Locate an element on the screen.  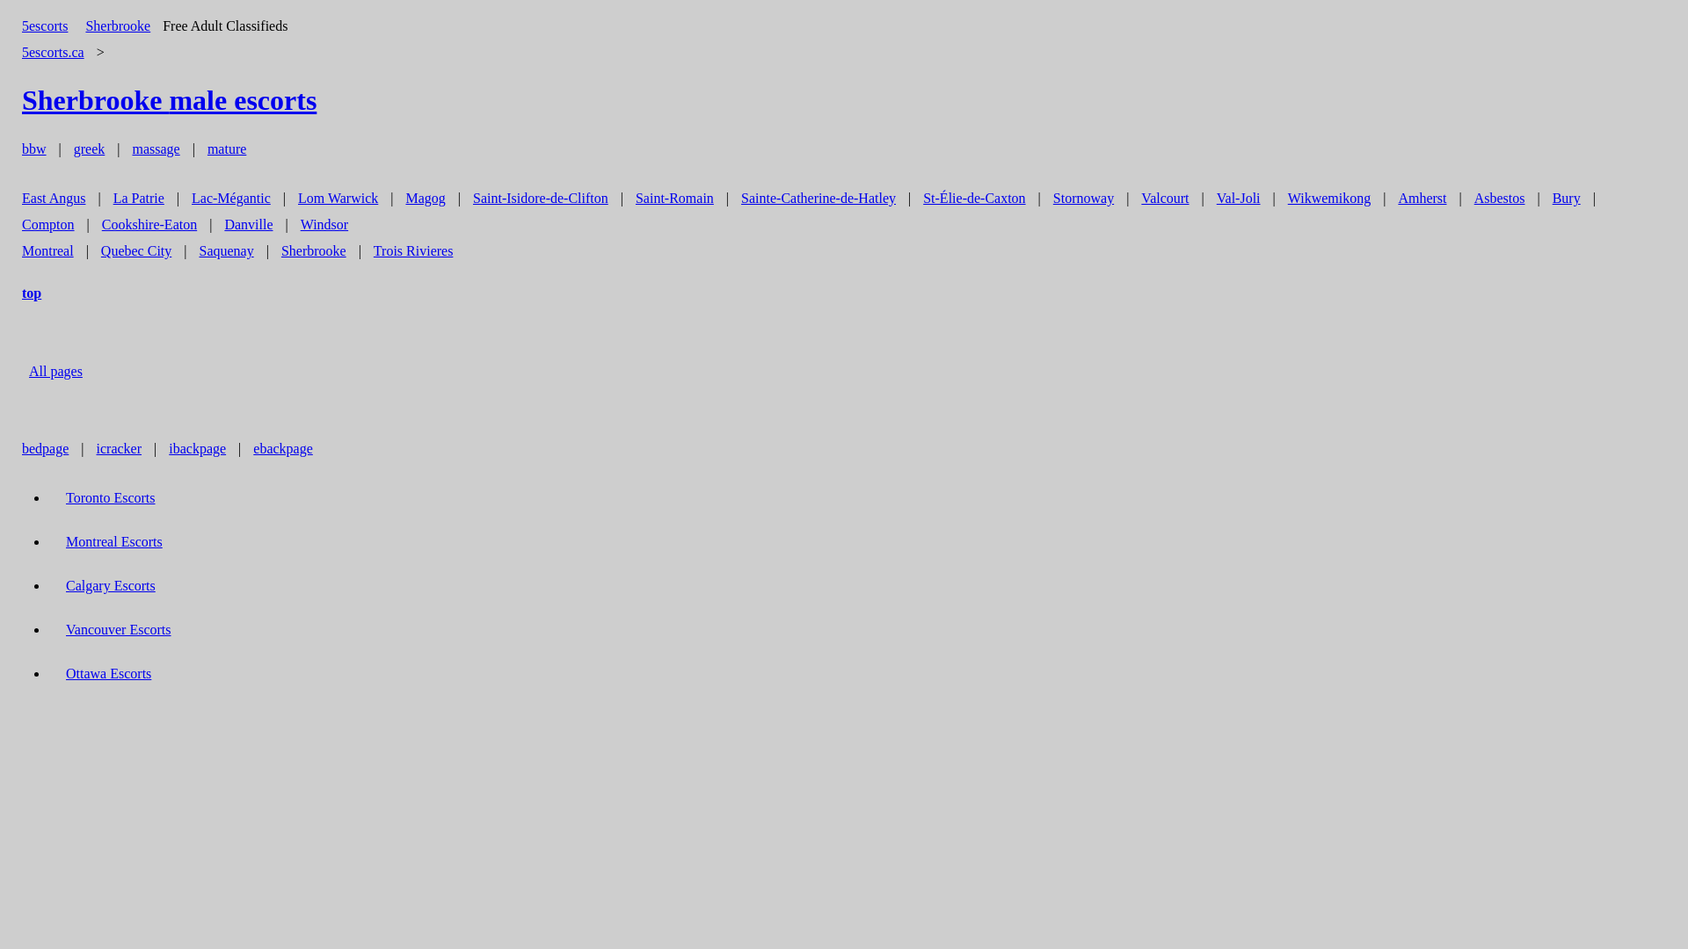
'bbw' is located at coordinates (12, 148).